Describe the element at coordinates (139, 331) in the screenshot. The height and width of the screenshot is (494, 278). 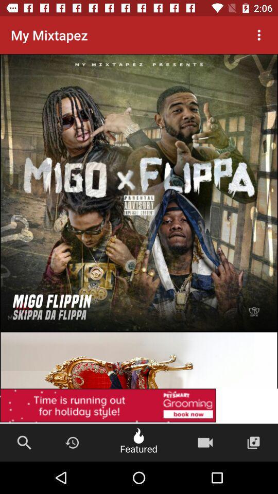
I see `advertisement` at that location.